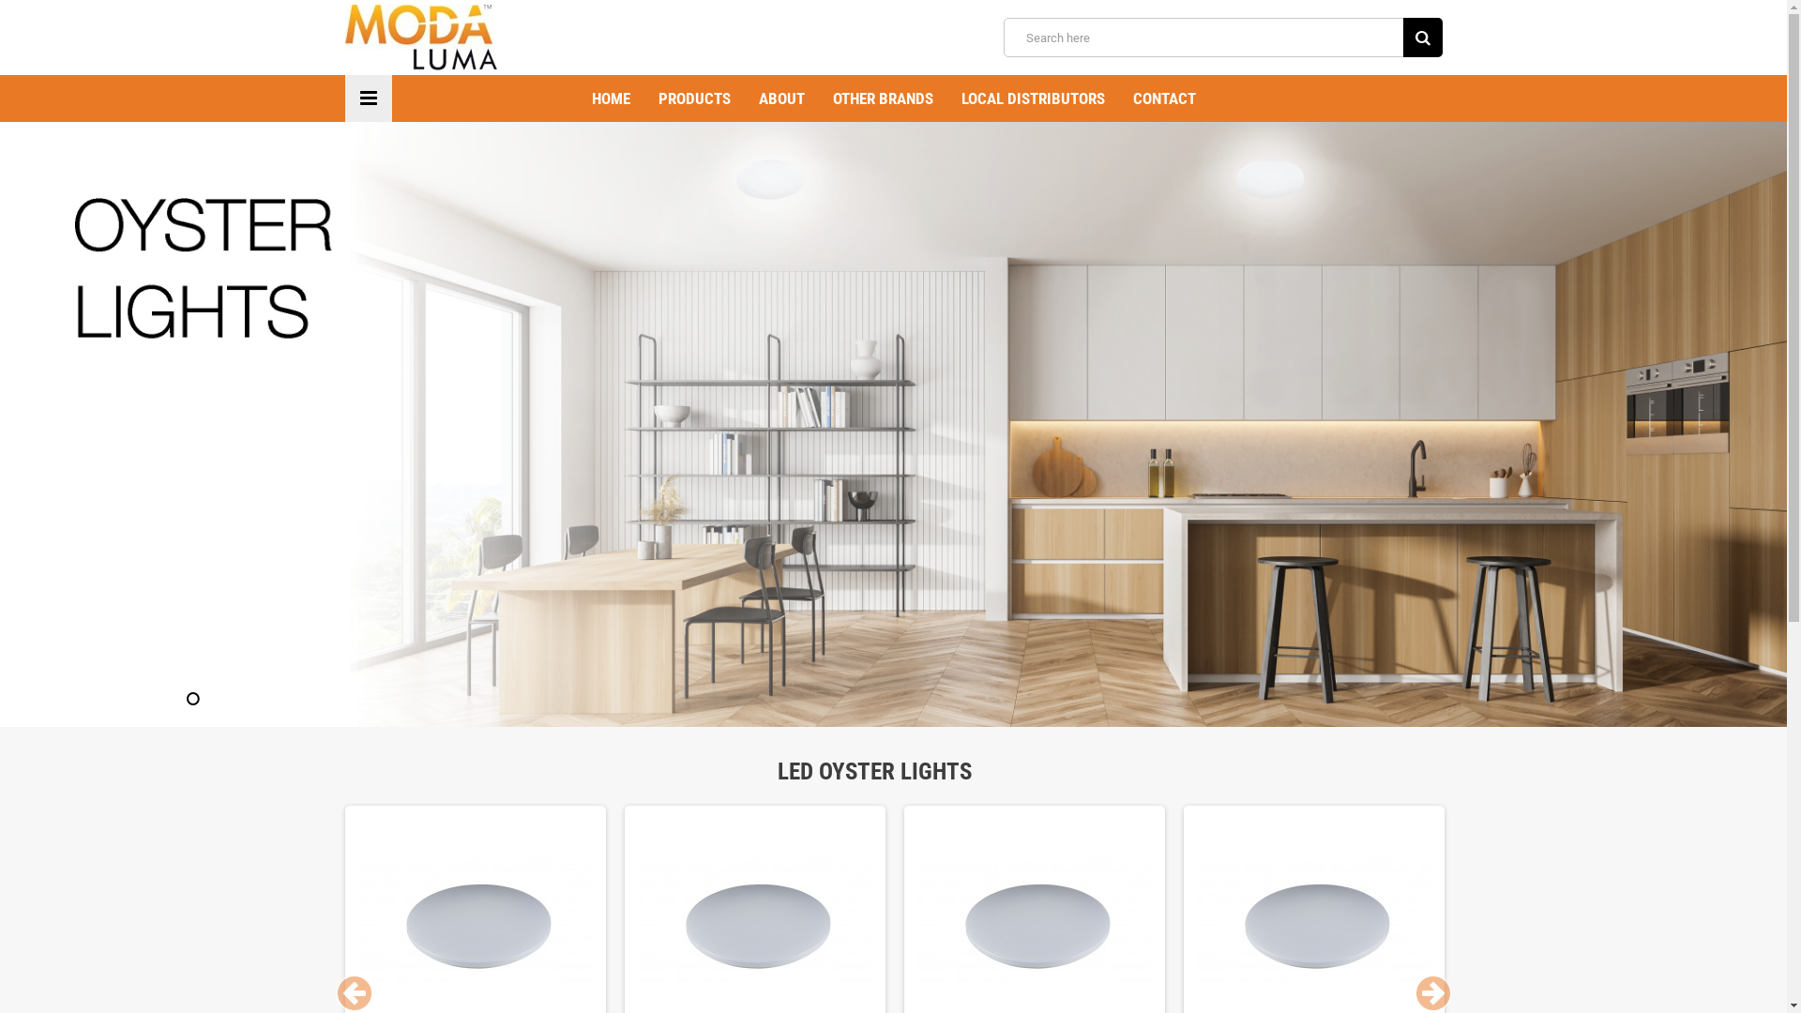  What do you see at coordinates (355, 992) in the screenshot?
I see `'Previous'` at bounding box center [355, 992].